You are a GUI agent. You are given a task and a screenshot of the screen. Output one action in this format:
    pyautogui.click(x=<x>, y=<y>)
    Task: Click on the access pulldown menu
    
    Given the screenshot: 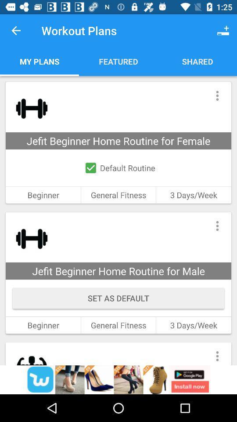 What is the action you would take?
    pyautogui.click(x=217, y=95)
    